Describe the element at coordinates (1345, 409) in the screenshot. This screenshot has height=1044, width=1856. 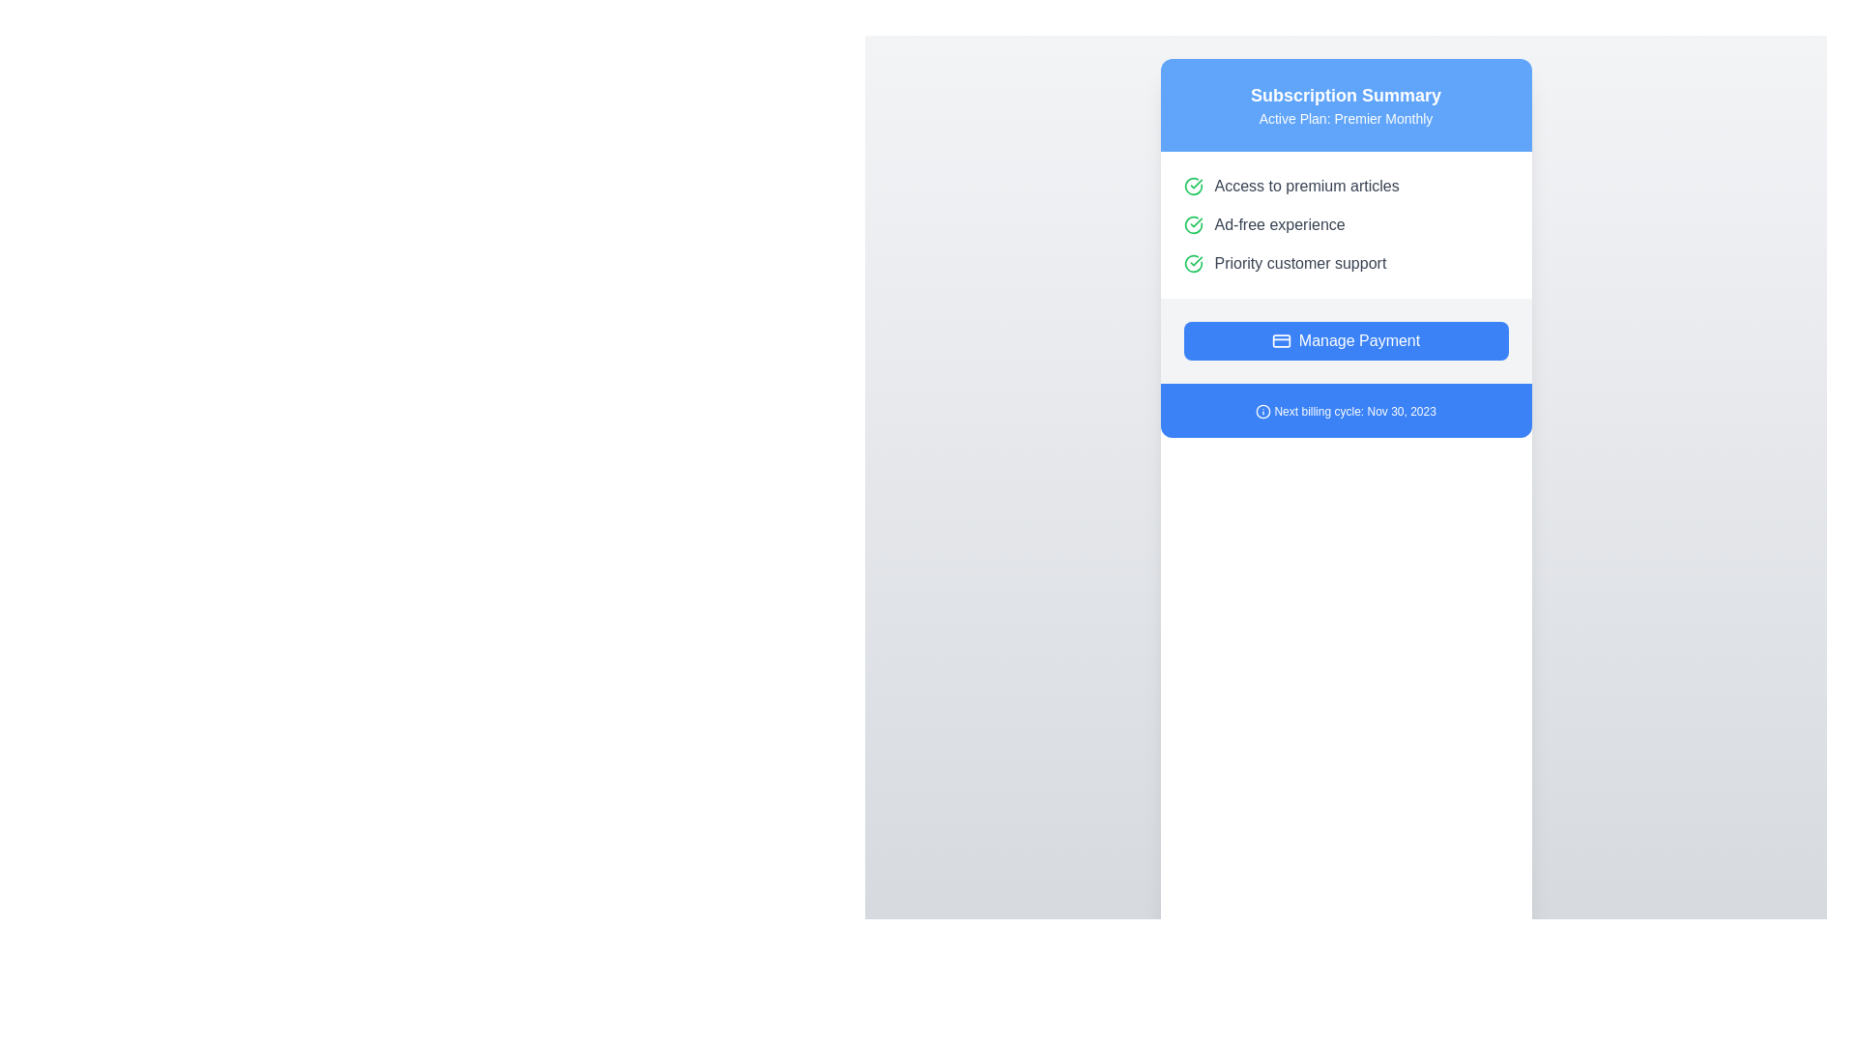
I see `informational content displayed in the Informational Panel, which shows the date of the next billing cycle located beneath the 'Manage Payment' button in the 'Subscription Summary' card` at that location.